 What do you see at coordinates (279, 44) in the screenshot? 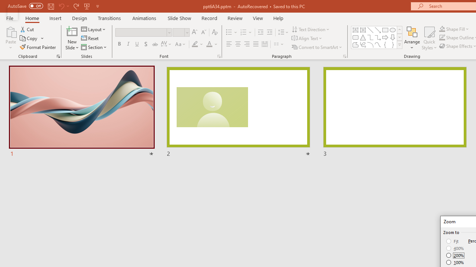
I see `'Columns'` at bounding box center [279, 44].